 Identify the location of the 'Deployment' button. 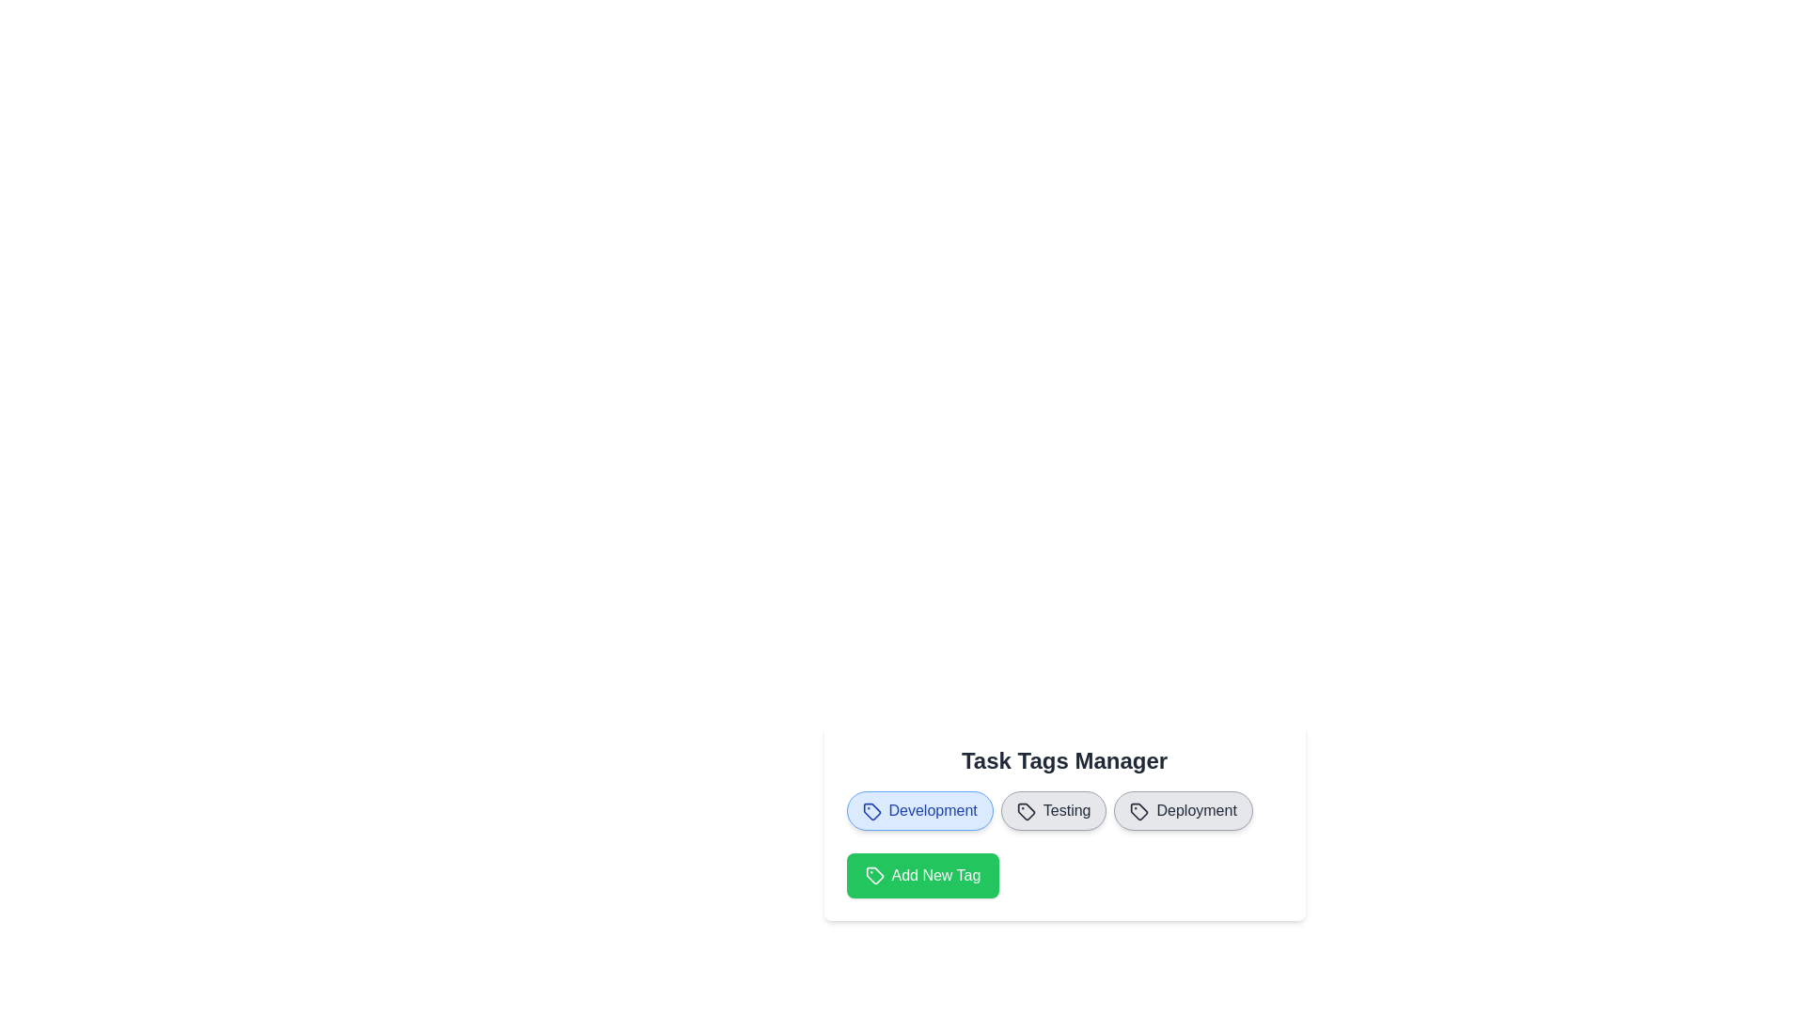
(1182, 810).